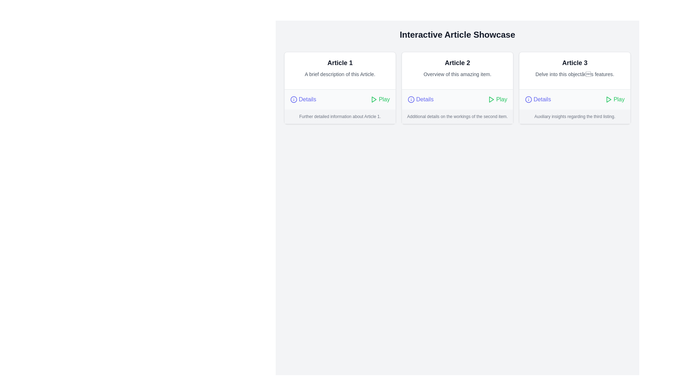 The width and height of the screenshot is (683, 384). I want to click on the Decorative vector graphic (SVG) circle, so click(411, 100).